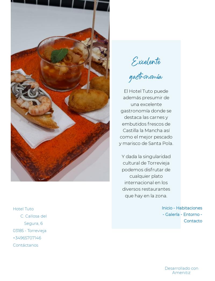 The image size is (215, 281). What do you see at coordinates (33, 219) in the screenshot?
I see `'C. Callosa del Segura, 6'` at bounding box center [33, 219].